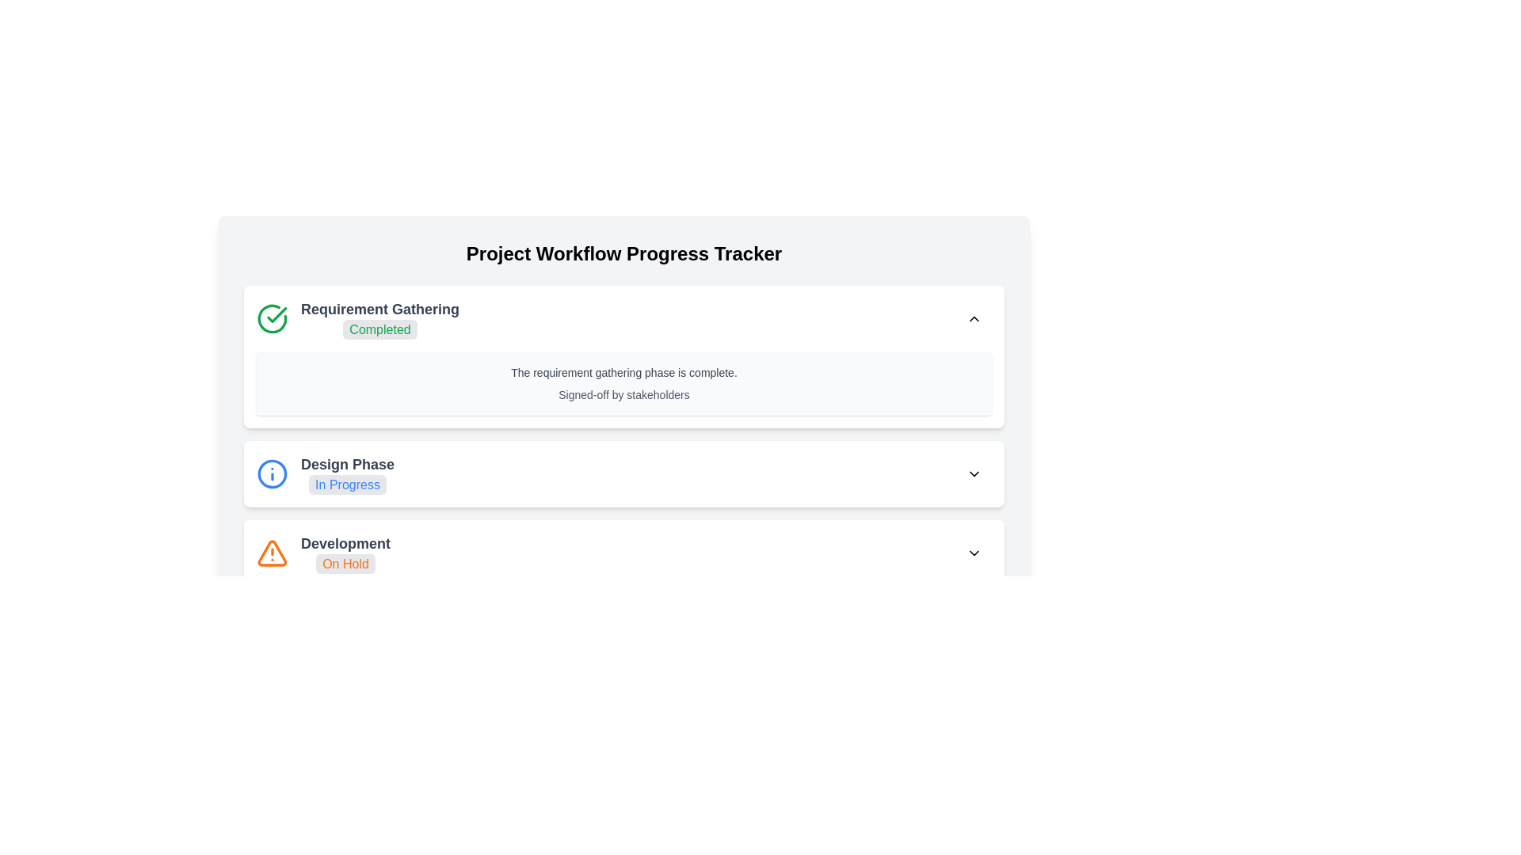 Image resolution: width=1521 pixels, height=855 pixels. Describe the element at coordinates (322, 552) in the screenshot. I see `the status information of the 'Development' phase indicated by the 'On Hold' Text Label with Icon, located below the 'Design Phase' section` at that location.